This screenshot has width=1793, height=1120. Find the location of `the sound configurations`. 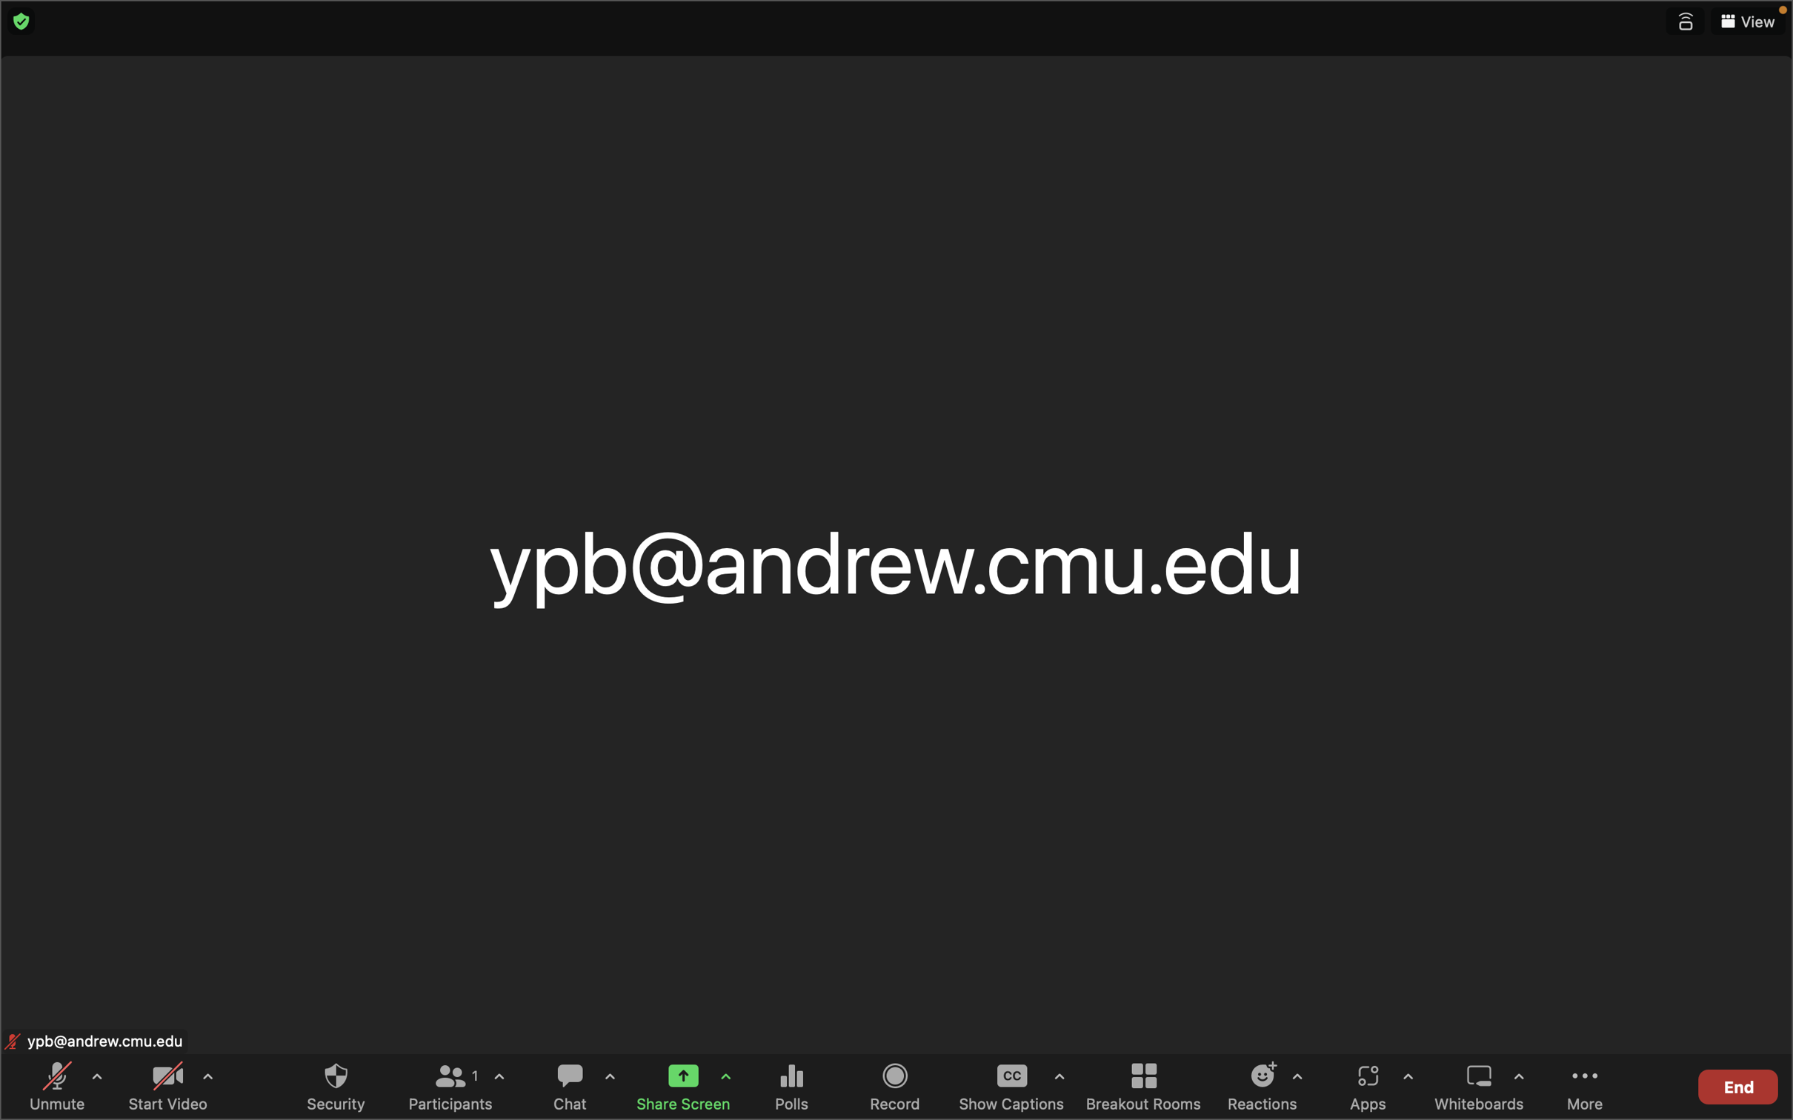

the sound configurations is located at coordinates (96, 1082).